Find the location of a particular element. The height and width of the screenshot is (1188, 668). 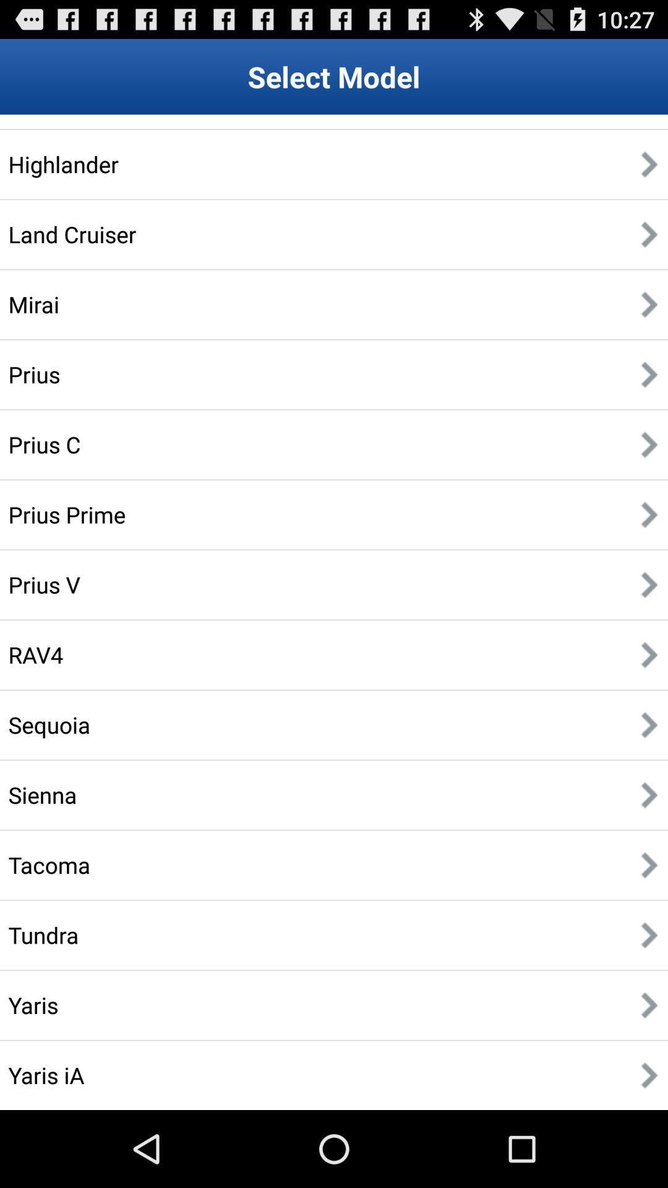

icon below the rav4 icon is located at coordinates (48, 725).